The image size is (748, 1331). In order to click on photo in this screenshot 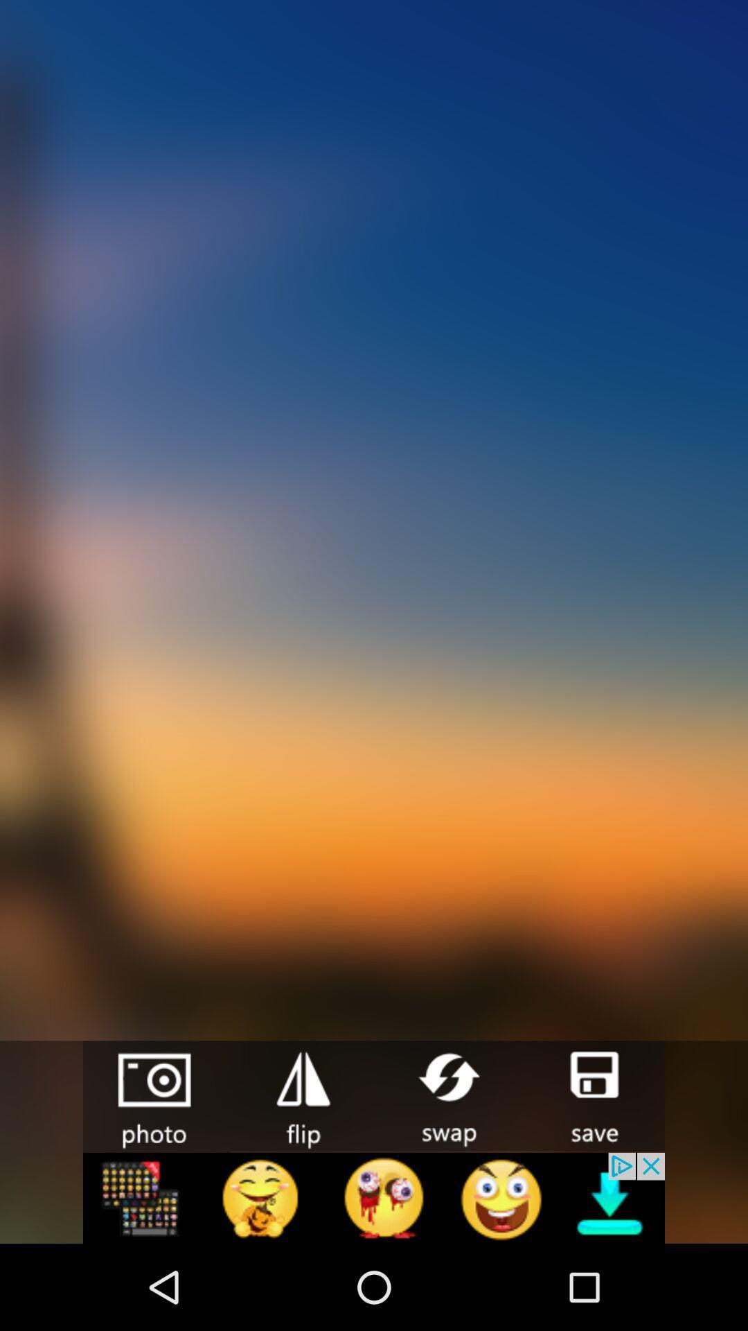, I will do `click(592, 1095)`.